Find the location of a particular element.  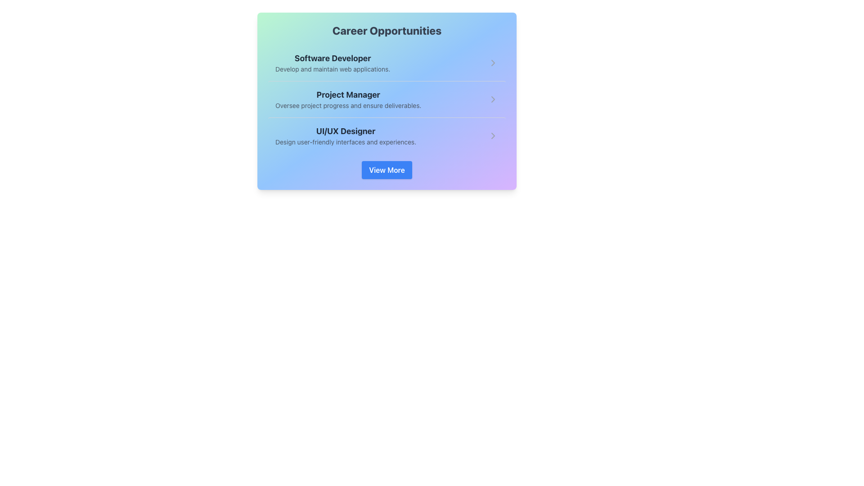

the 'View More' button with a blue background and white text, located at the bottom of the 'Career Opportunities' card is located at coordinates (387, 170).